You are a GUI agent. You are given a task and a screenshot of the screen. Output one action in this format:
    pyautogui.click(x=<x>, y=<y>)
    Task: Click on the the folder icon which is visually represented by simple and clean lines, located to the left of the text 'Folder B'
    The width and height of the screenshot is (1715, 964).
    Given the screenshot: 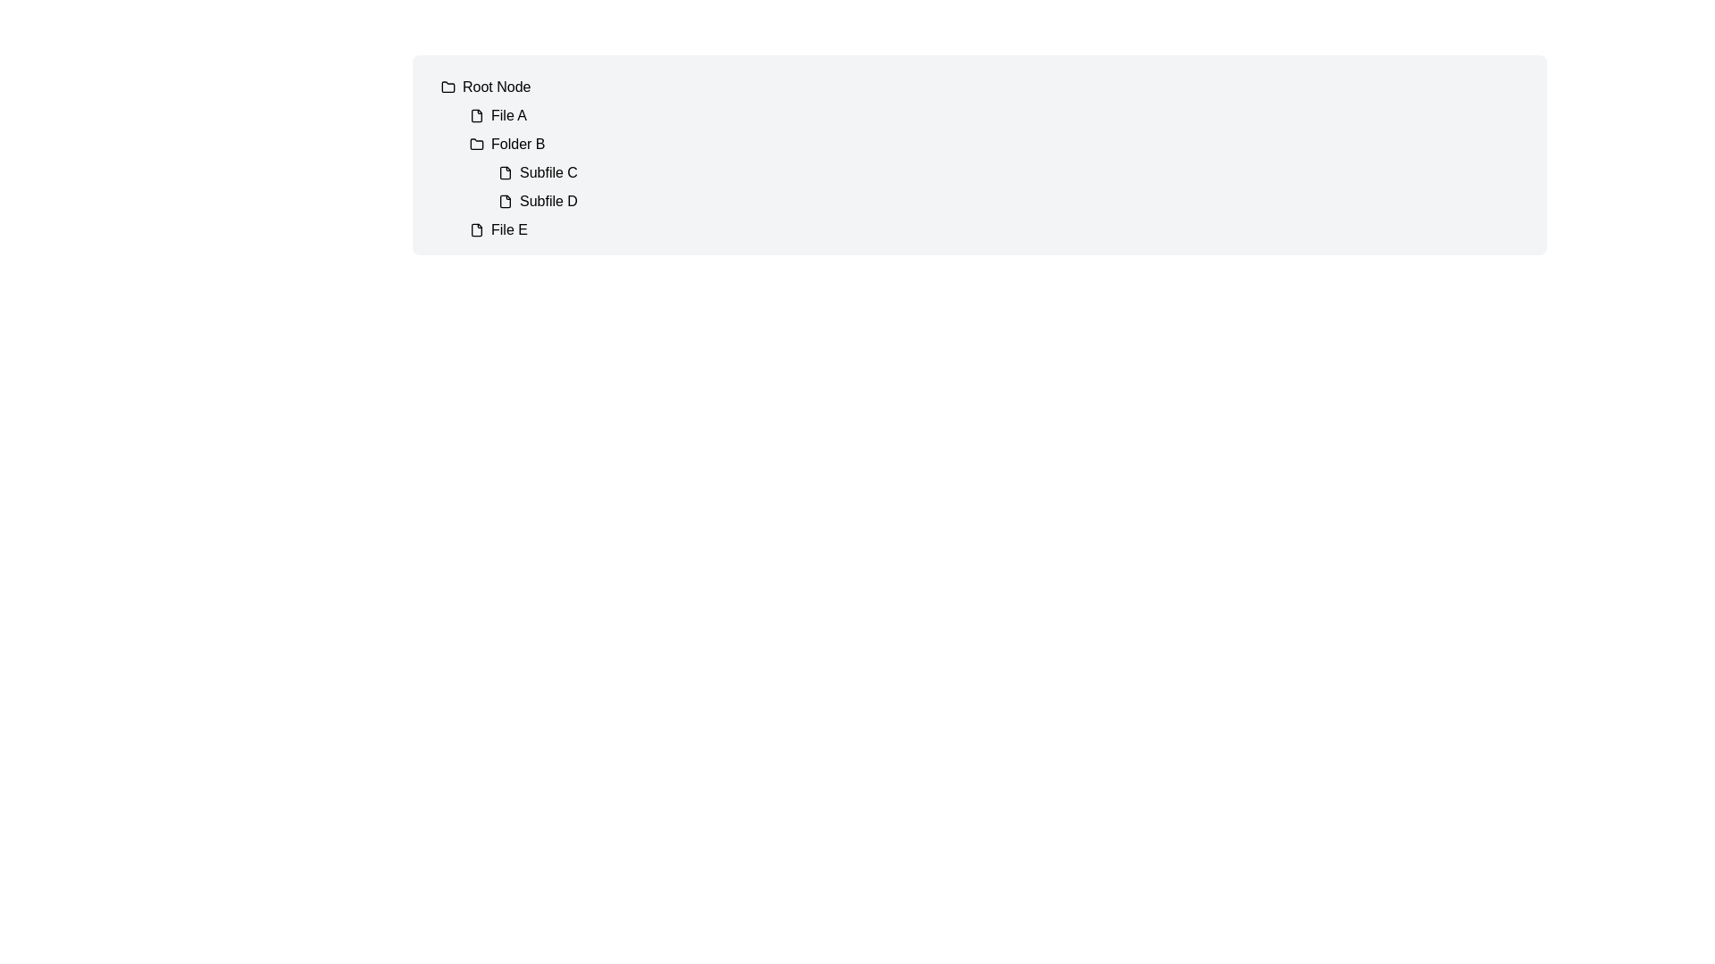 What is the action you would take?
    pyautogui.click(x=476, y=144)
    